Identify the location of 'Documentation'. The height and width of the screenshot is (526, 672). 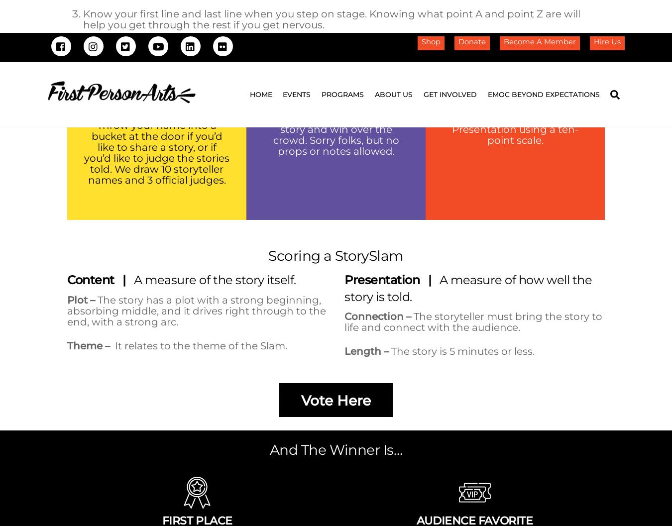
(136, 341).